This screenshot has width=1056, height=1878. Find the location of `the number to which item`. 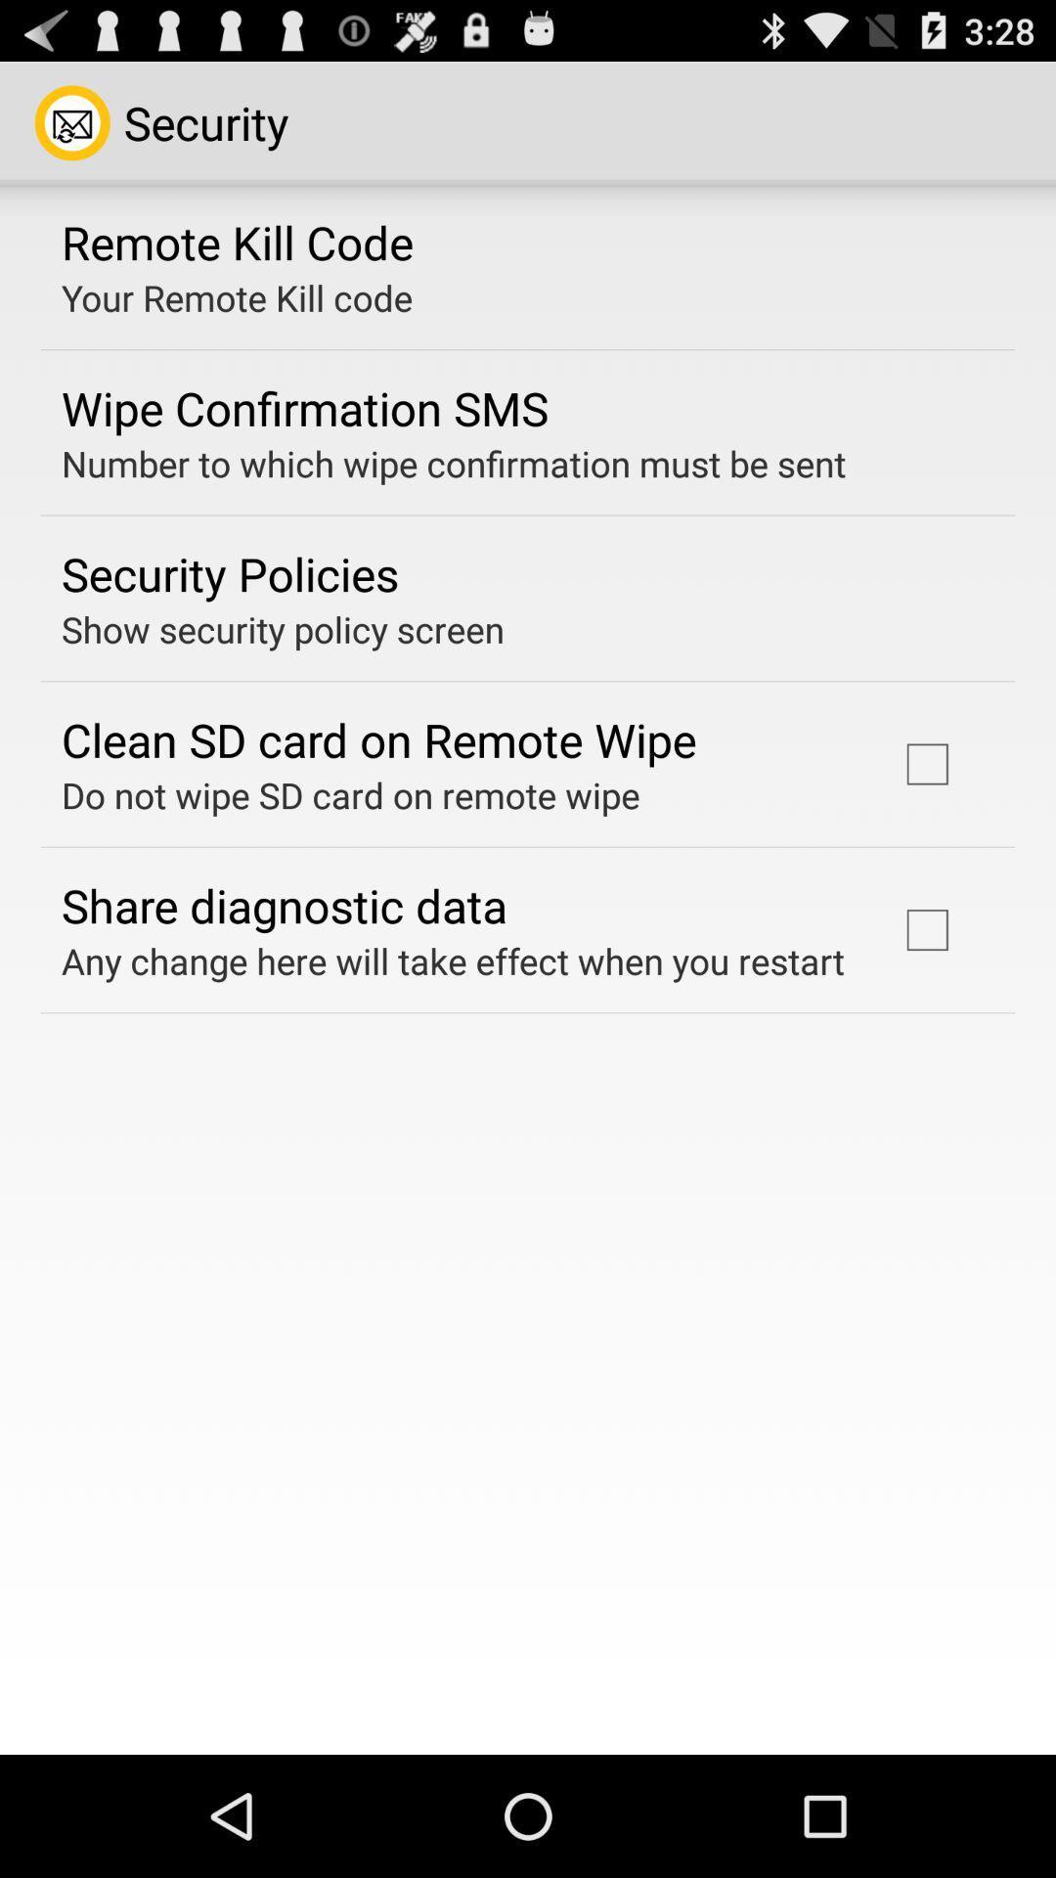

the number to which item is located at coordinates (454, 463).